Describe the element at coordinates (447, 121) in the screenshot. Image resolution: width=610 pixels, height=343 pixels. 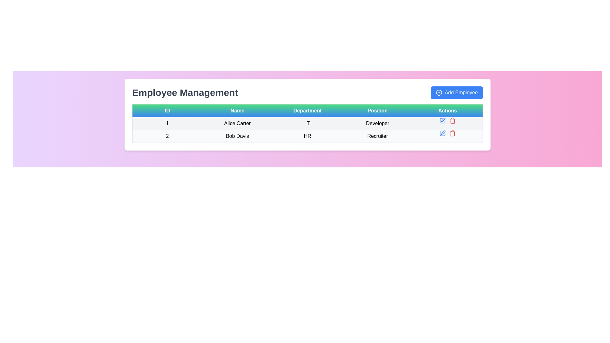
I see `the horizontal action bar located under the 'Actions' column for the 'Alice Carter' entry, which contains multiple action icons including a blue pencil for edit and a red trash can for delete` at that location.